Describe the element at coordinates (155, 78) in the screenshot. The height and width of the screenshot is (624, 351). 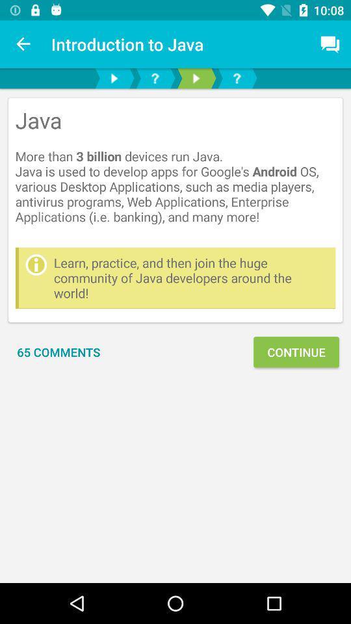
I see `opens the help tab` at that location.